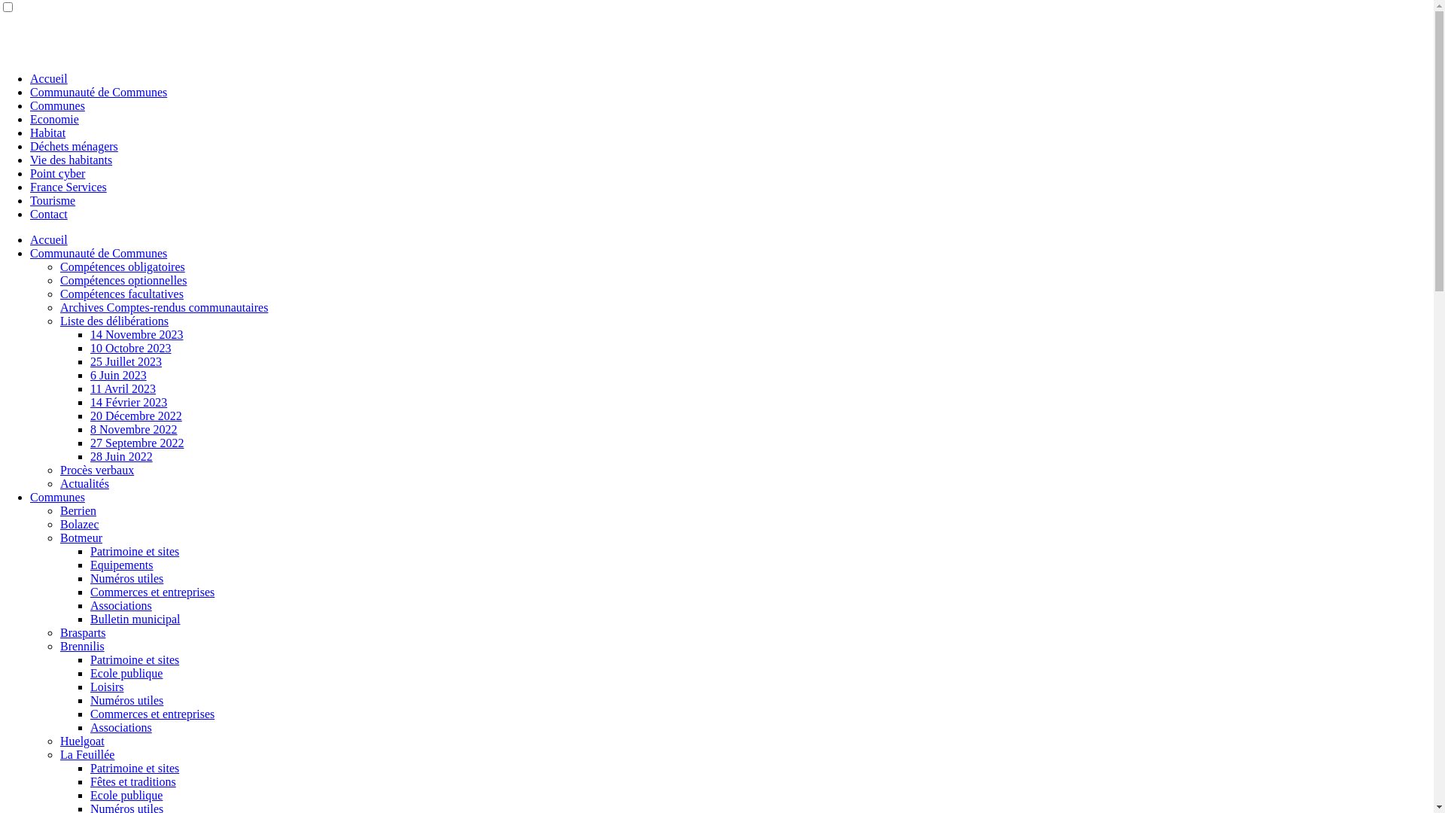  What do you see at coordinates (133, 429) in the screenshot?
I see `'8 Novembre 2022'` at bounding box center [133, 429].